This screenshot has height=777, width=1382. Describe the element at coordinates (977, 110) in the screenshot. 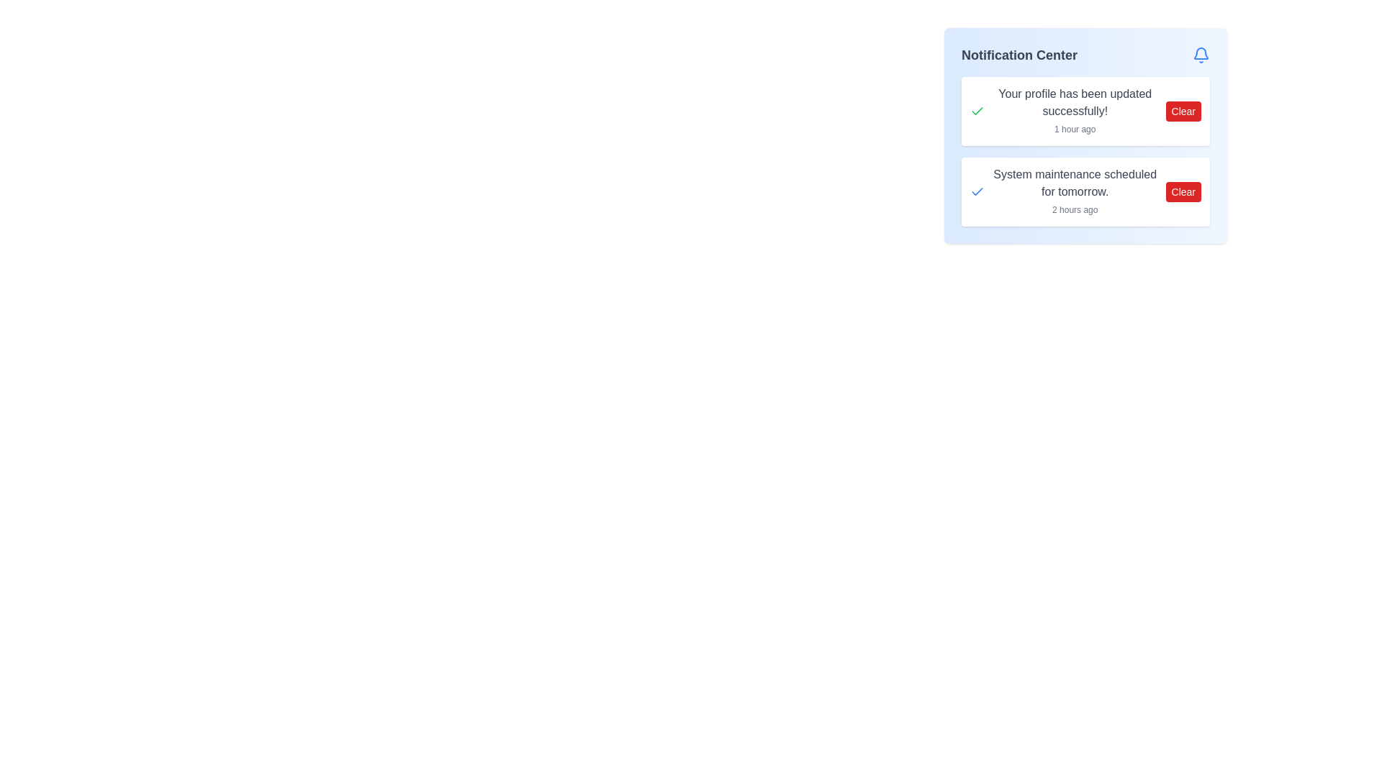

I see `the completion icon located to the left of the text 'Your profile has been updated successfully!' in the notification box` at that location.